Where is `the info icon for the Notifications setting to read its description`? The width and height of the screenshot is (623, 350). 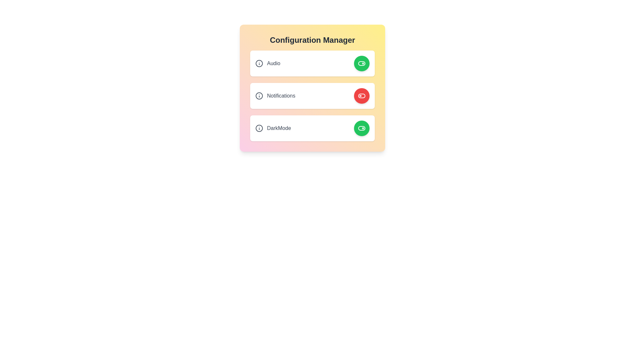 the info icon for the Notifications setting to read its description is located at coordinates (259, 96).